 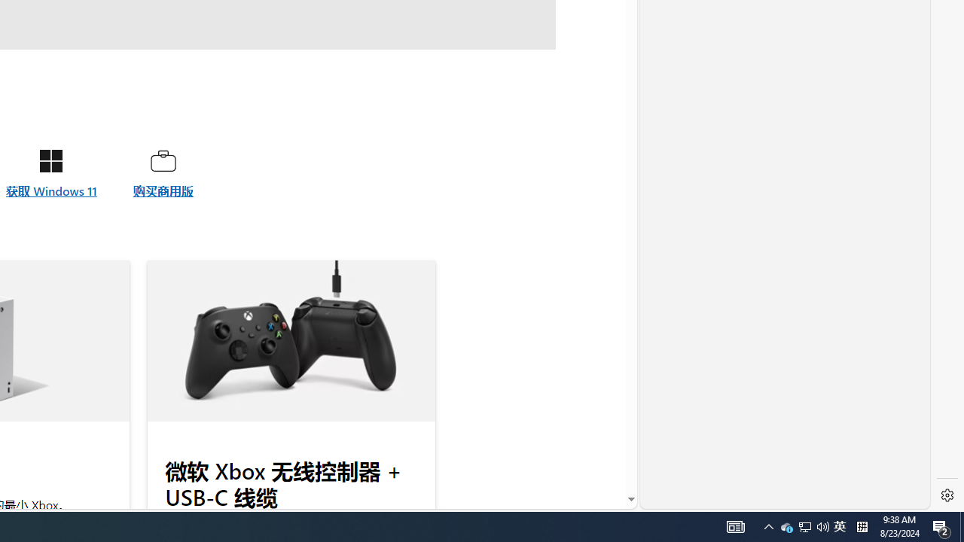 I want to click on 'A pair of Xbox Wireless Controllers with USB-C Cable.', so click(x=291, y=341).